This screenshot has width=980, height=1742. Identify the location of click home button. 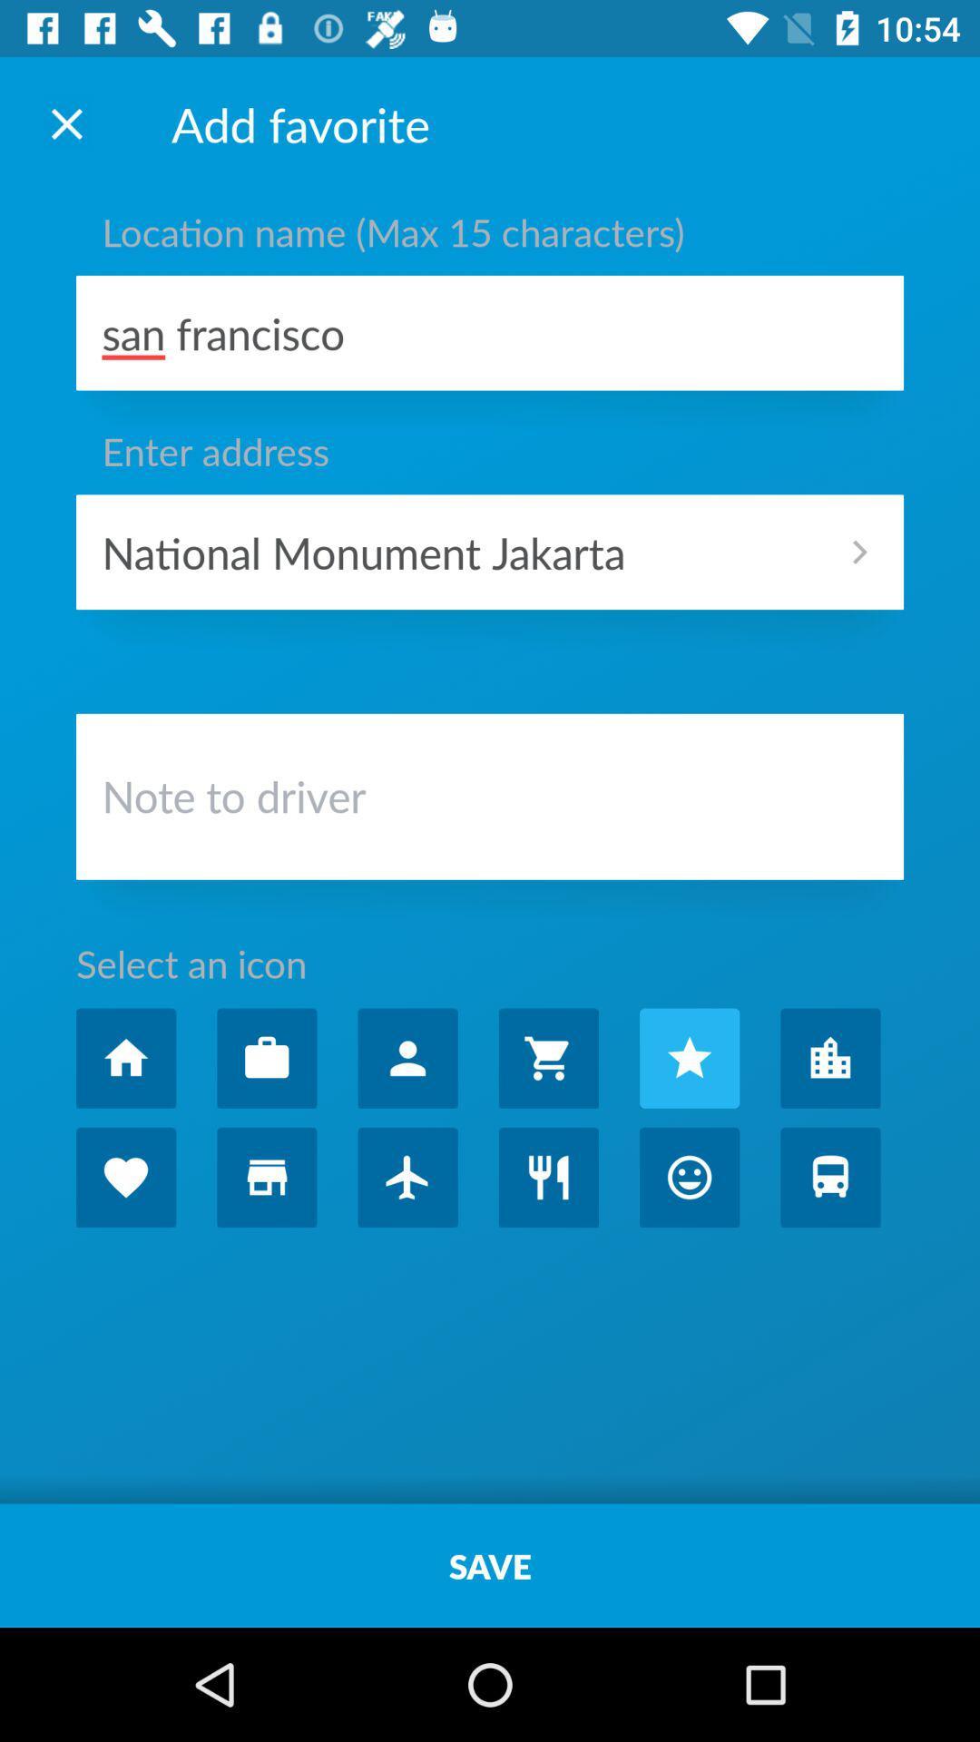
(125, 1058).